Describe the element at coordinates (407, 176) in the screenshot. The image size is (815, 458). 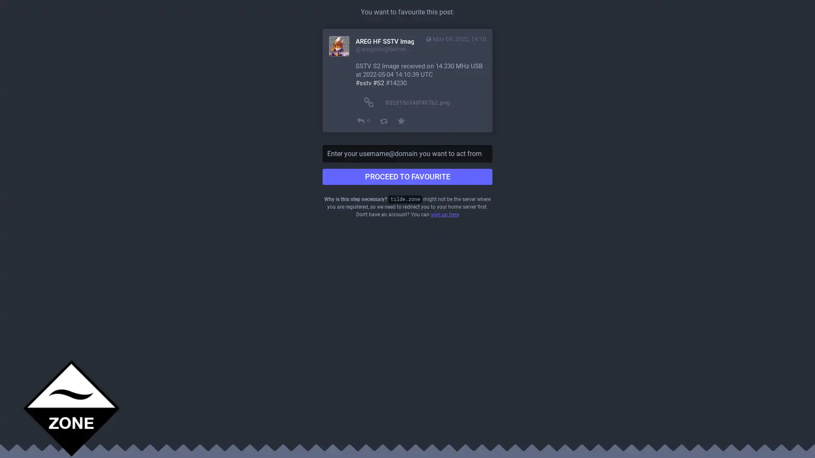
I see `PROCEED TO FAVOURITE` at that location.